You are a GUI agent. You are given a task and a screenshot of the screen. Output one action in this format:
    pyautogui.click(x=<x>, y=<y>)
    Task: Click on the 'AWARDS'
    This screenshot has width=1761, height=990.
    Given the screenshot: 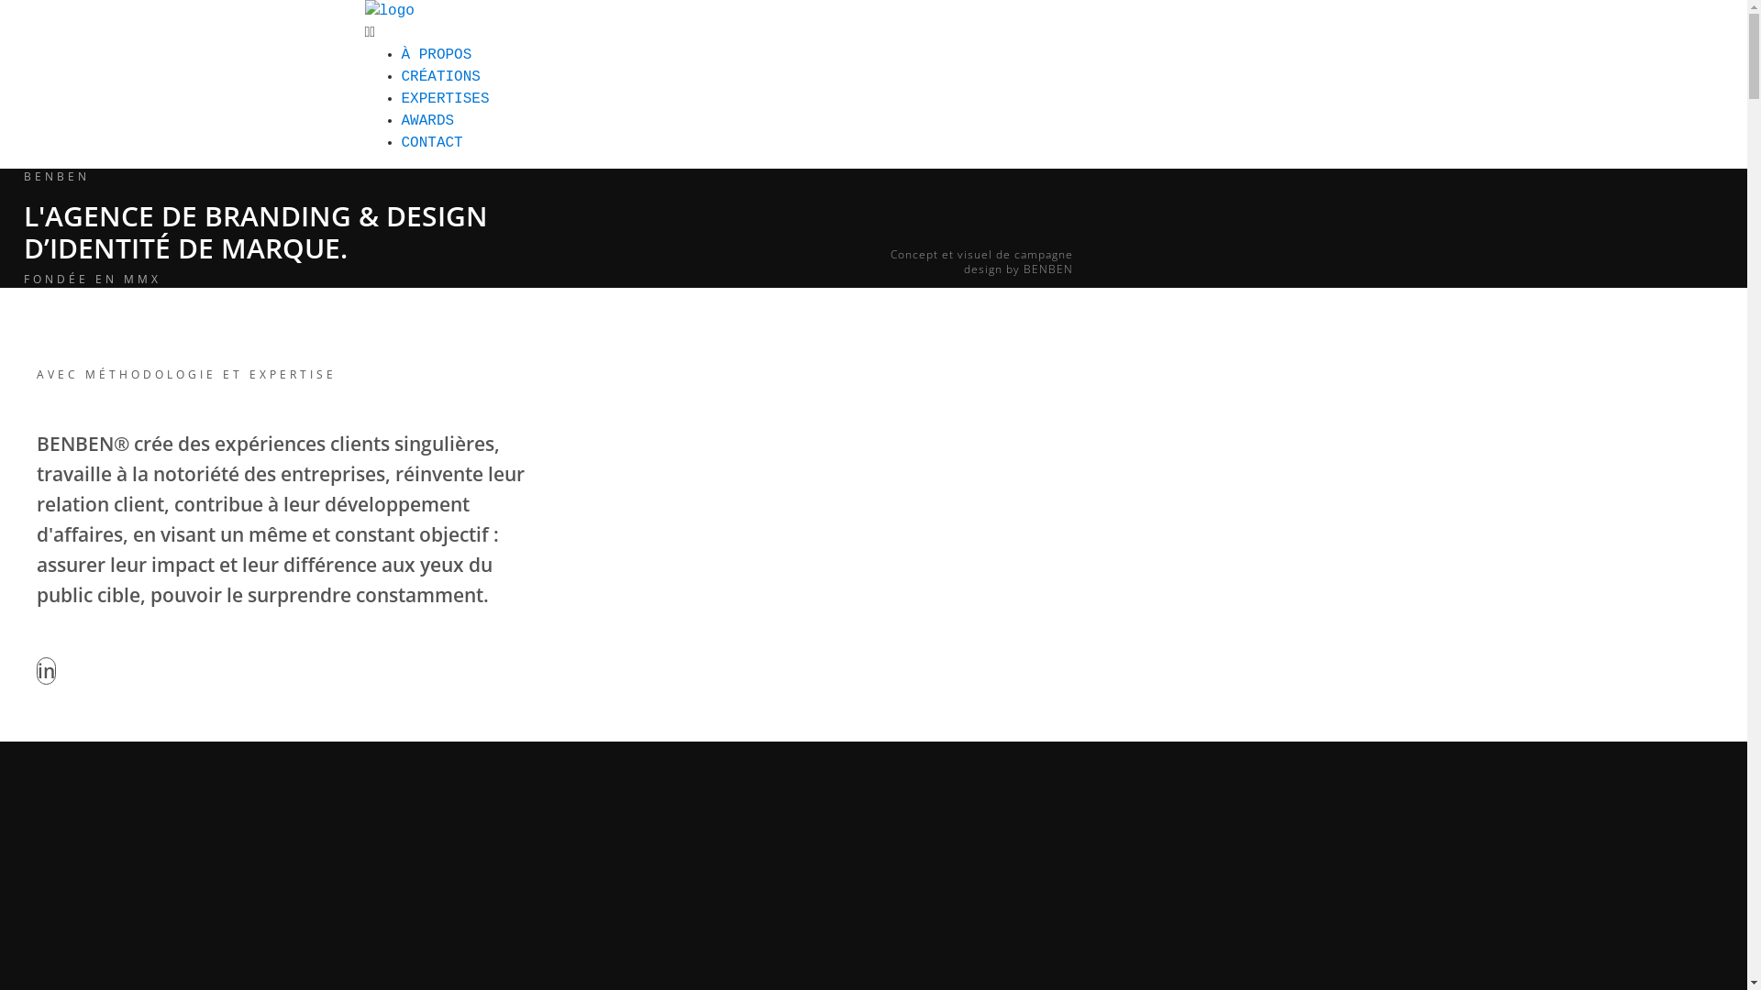 What is the action you would take?
    pyautogui.click(x=426, y=120)
    